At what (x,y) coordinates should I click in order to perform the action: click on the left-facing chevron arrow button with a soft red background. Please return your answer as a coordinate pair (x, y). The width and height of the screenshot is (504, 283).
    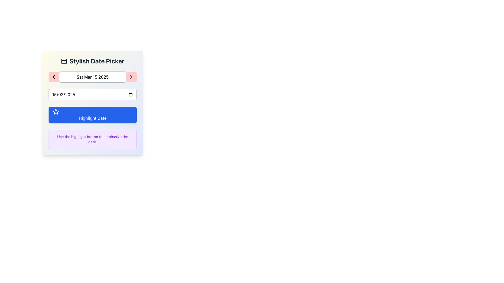
    Looking at the image, I should click on (54, 77).